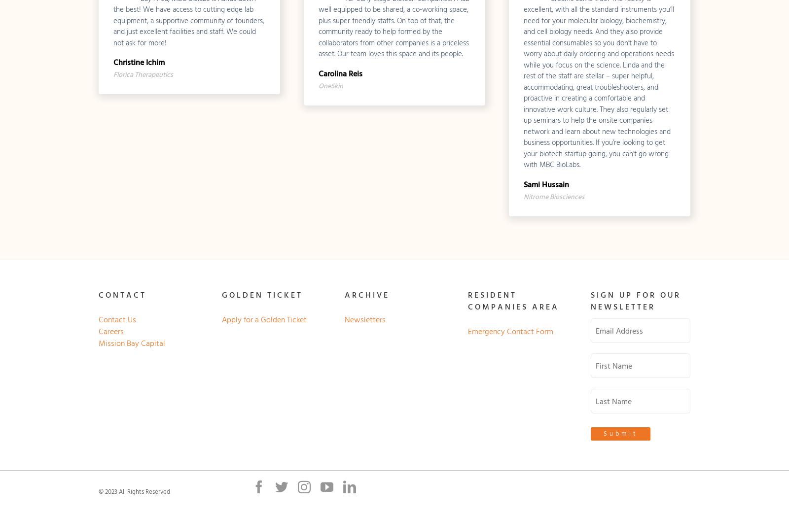  What do you see at coordinates (510, 331) in the screenshot?
I see `'Emergency Contact Form'` at bounding box center [510, 331].